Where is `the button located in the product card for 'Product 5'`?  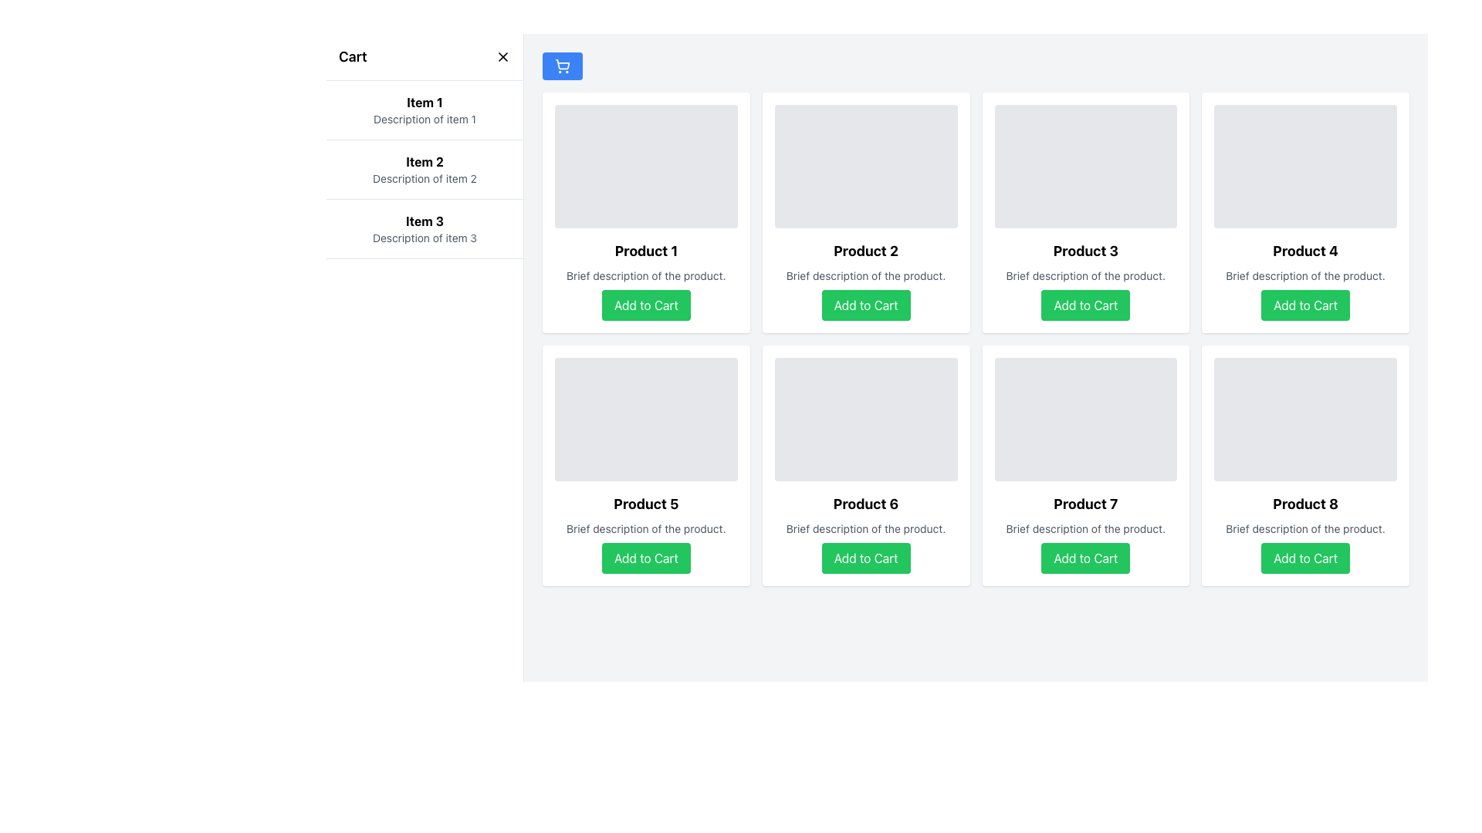 the button located in the product card for 'Product 5' is located at coordinates (646, 558).